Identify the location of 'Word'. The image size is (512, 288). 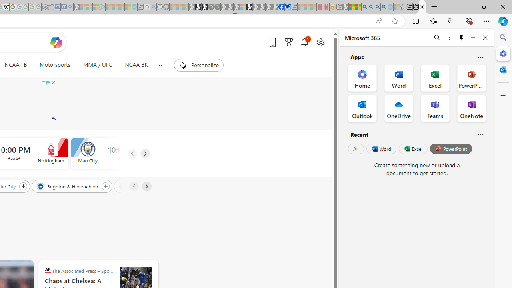
(380, 149).